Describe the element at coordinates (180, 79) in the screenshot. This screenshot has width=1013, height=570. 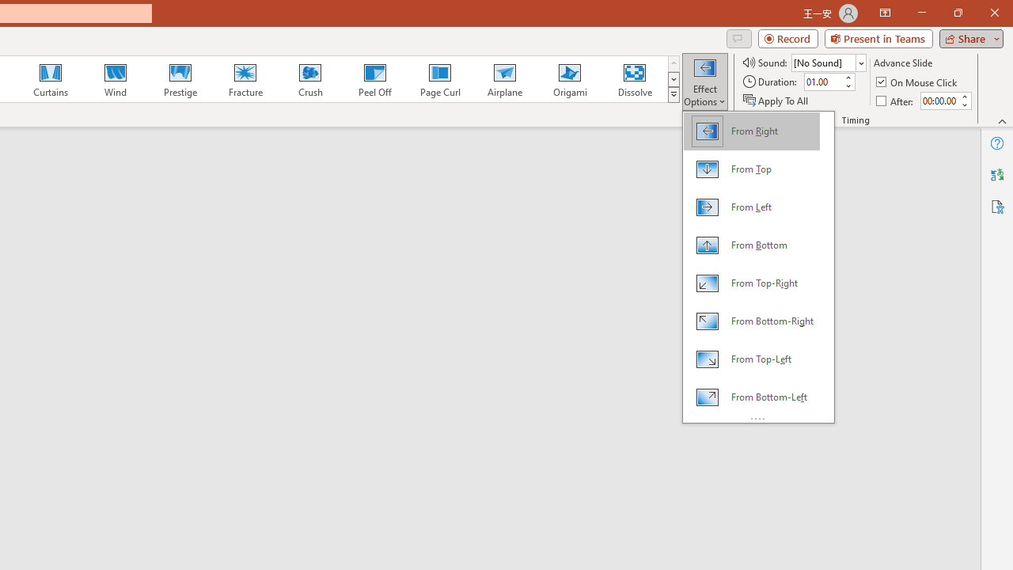
I see `'Prestige'` at that location.